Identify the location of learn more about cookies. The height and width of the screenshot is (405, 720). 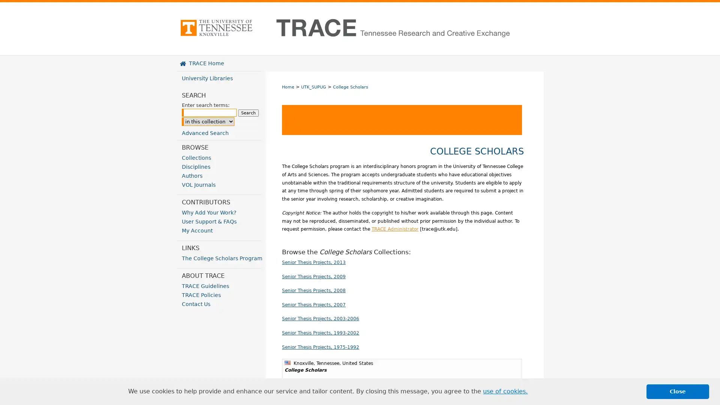
(505, 391).